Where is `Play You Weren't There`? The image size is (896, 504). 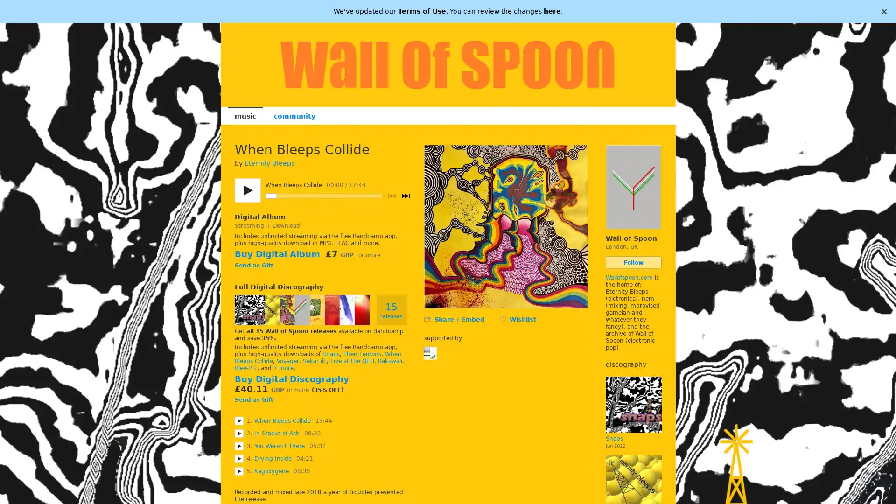 Play You Weren't There is located at coordinates (238, 445).